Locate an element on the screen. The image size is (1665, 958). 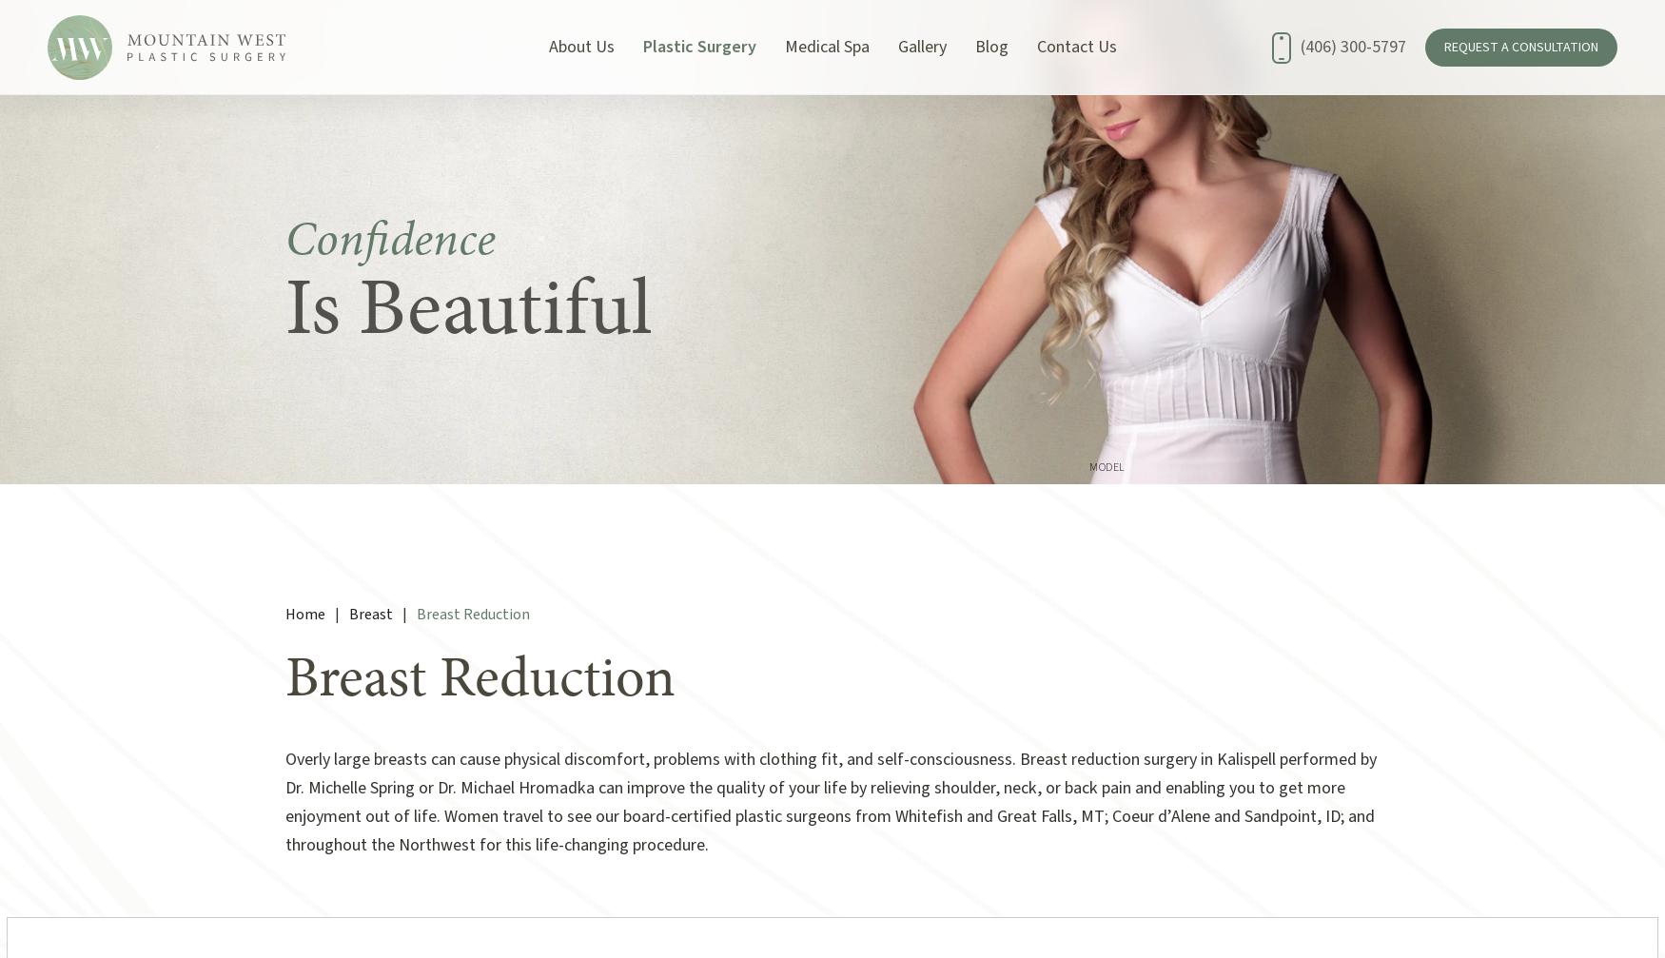
'Confidence' is located at coordinates (389, 238).